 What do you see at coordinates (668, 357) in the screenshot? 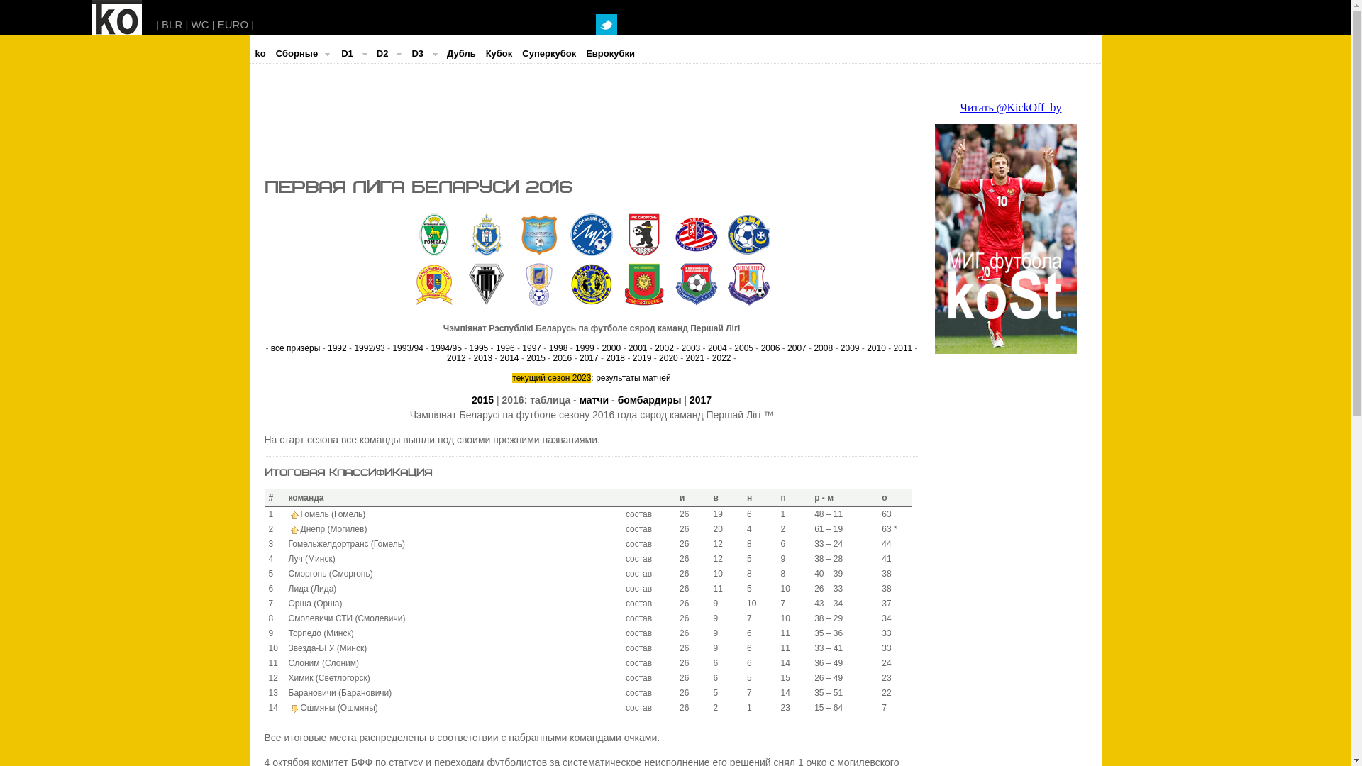
I see `'2020'` at bounding box center [668, 357].